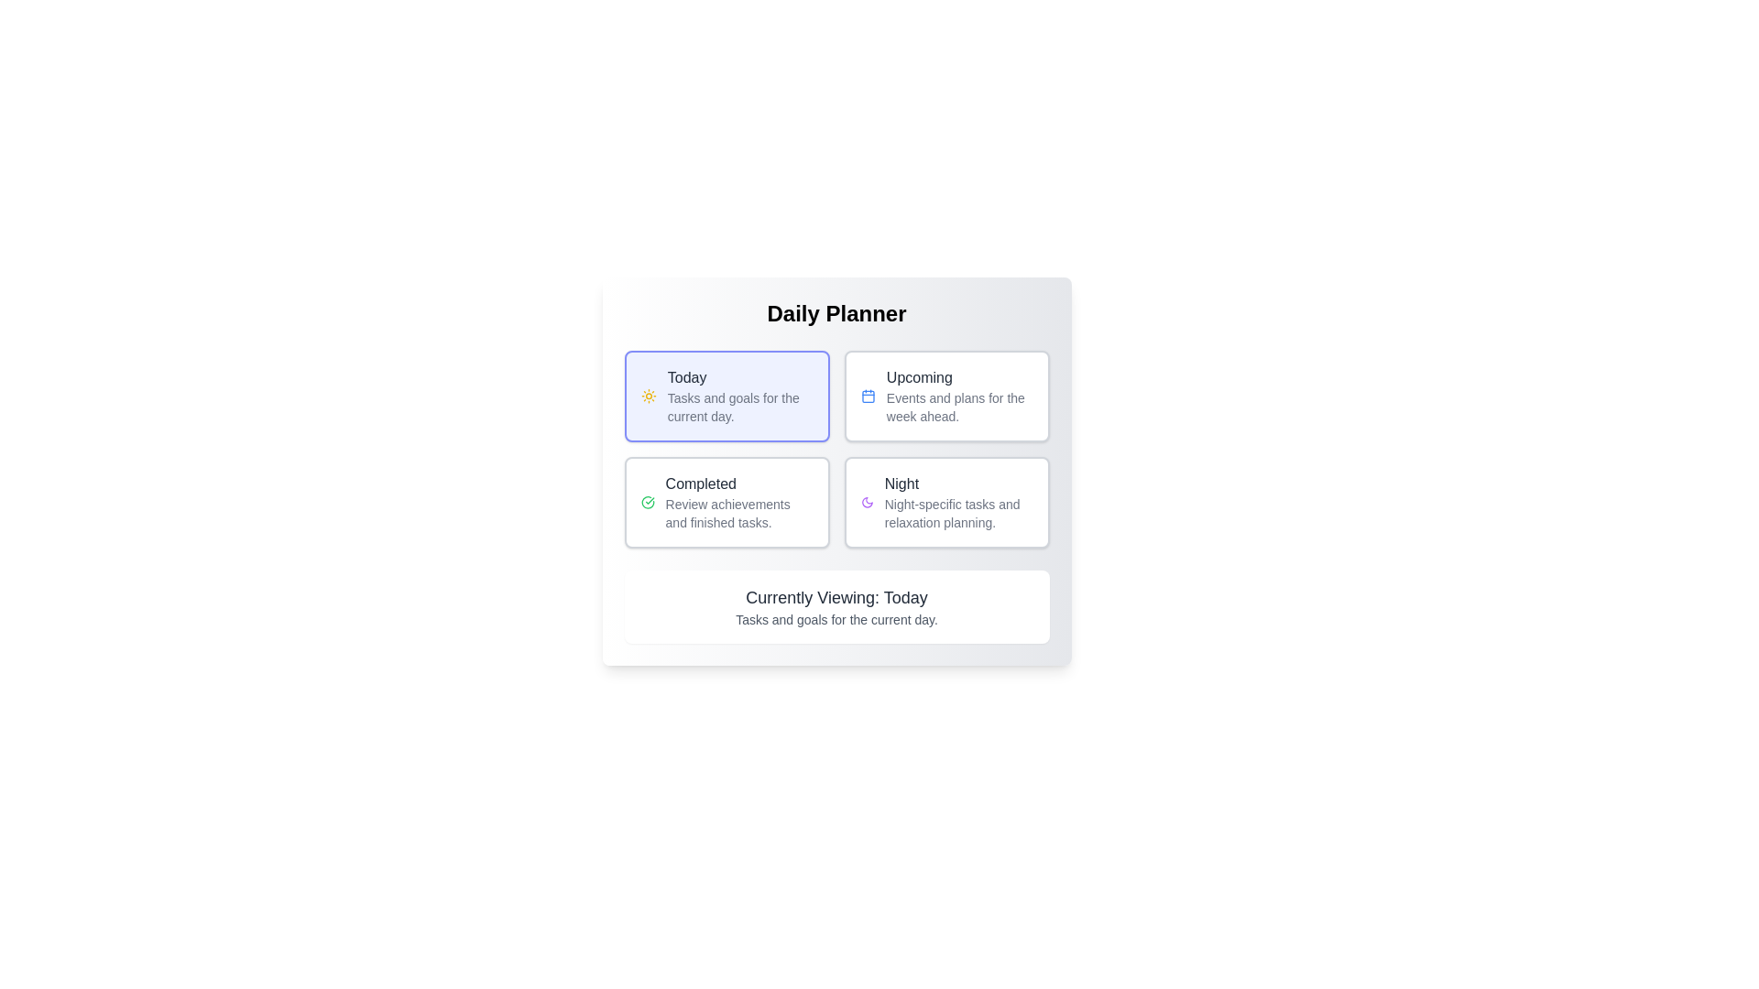  Describe the element at coordinates (740, 406) in the screenshot. I see `the descriptive text label located in the 'Today' section of the Daily Planner interface, which provides additional context about tasks and goals` at that location.